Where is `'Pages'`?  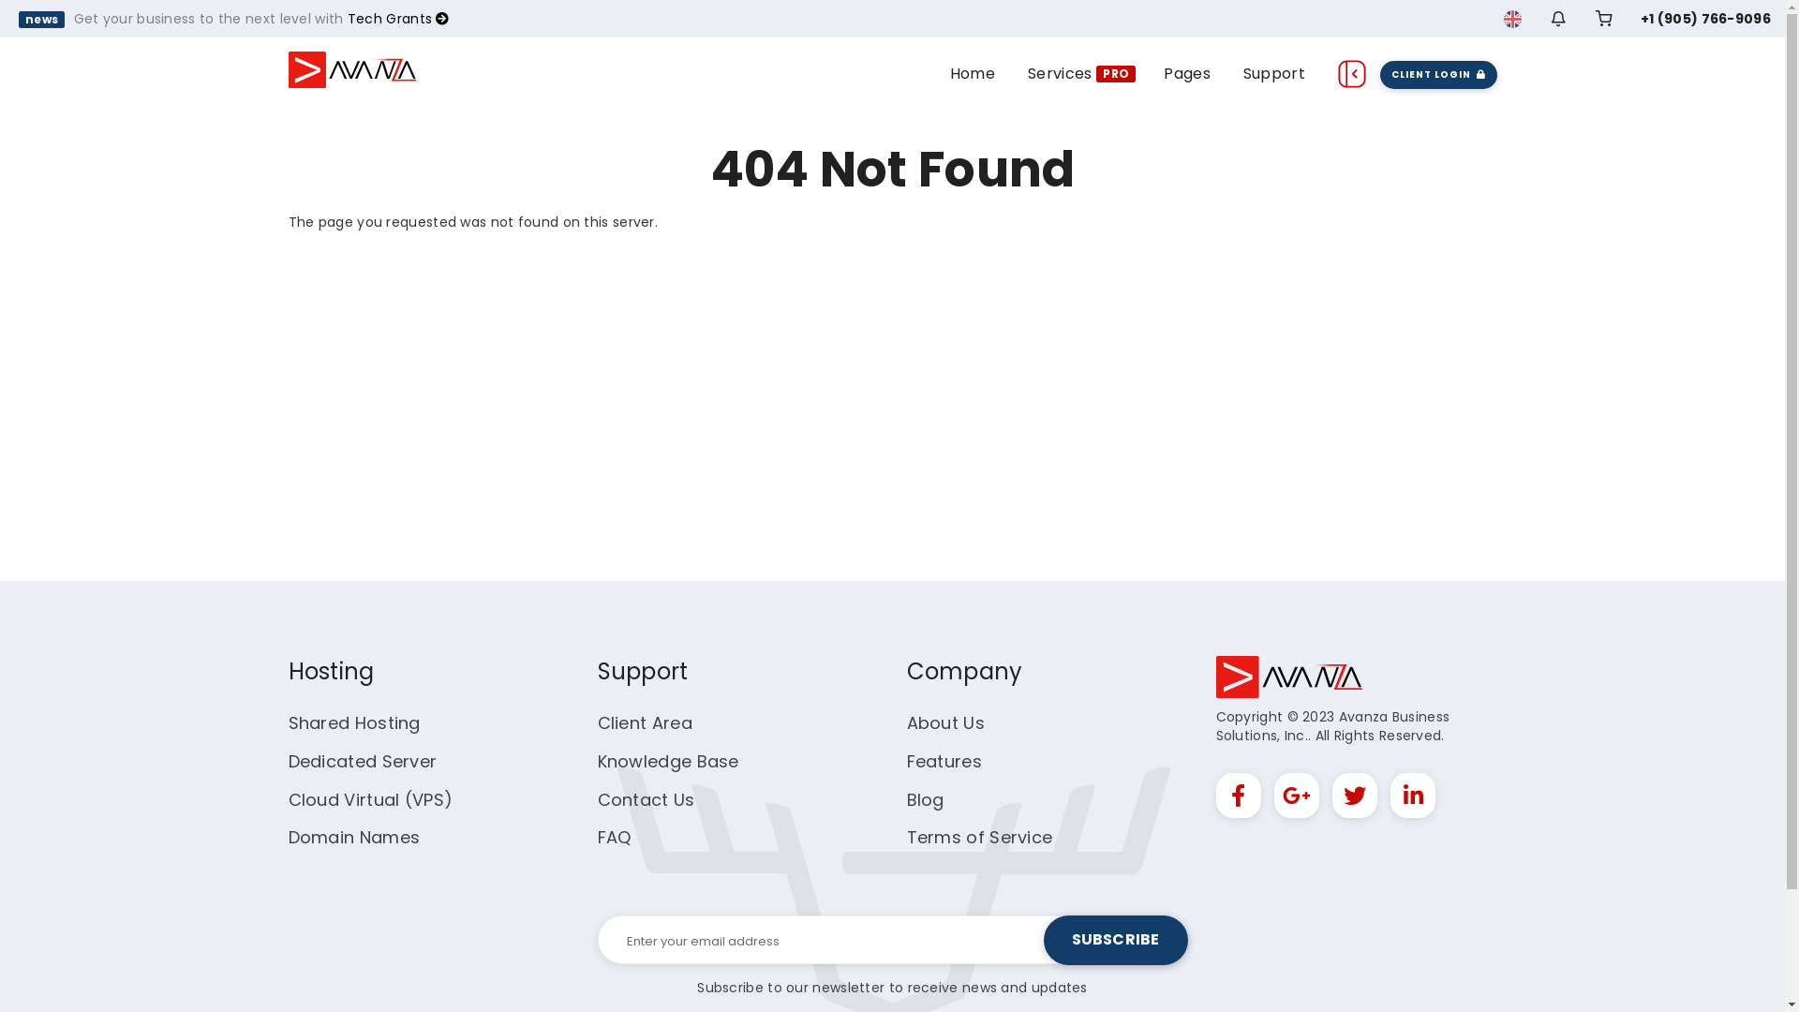
'Pages' is located at coordinates (1186, 71).